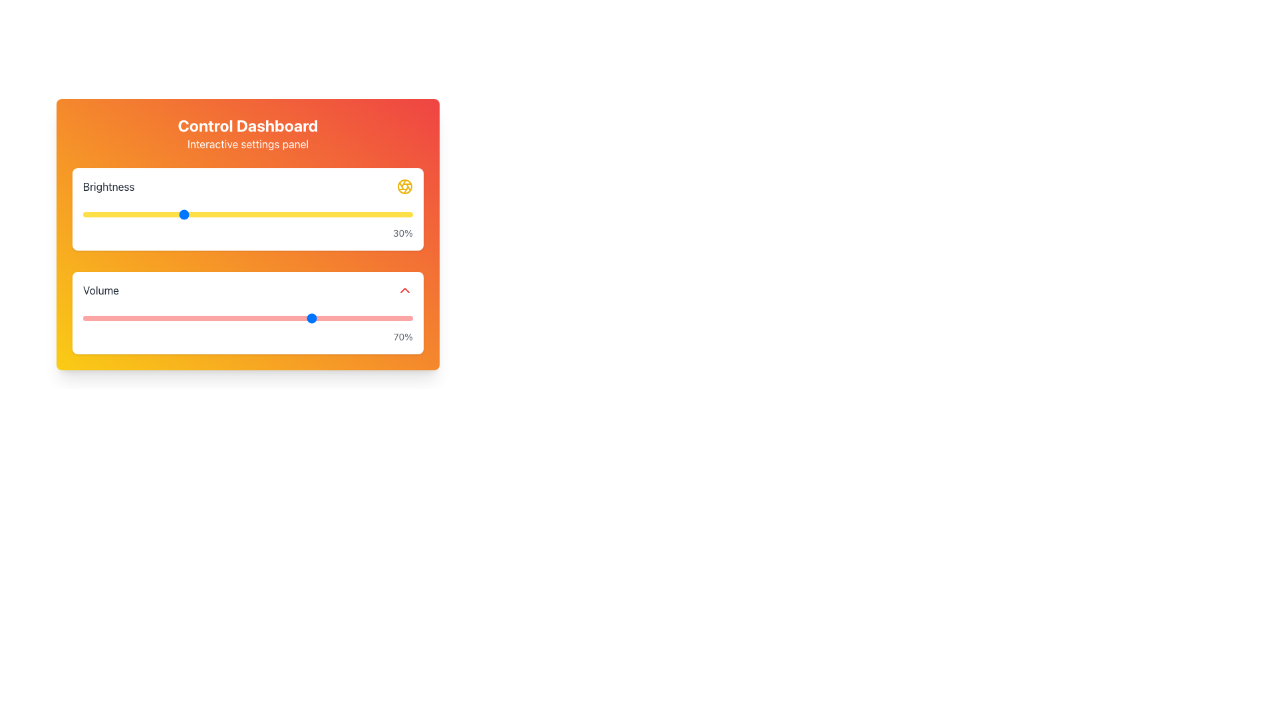  What do you see at coordinates (366, 318) in the screenshot?
I see `the volume` at bounding box center [366, 318].